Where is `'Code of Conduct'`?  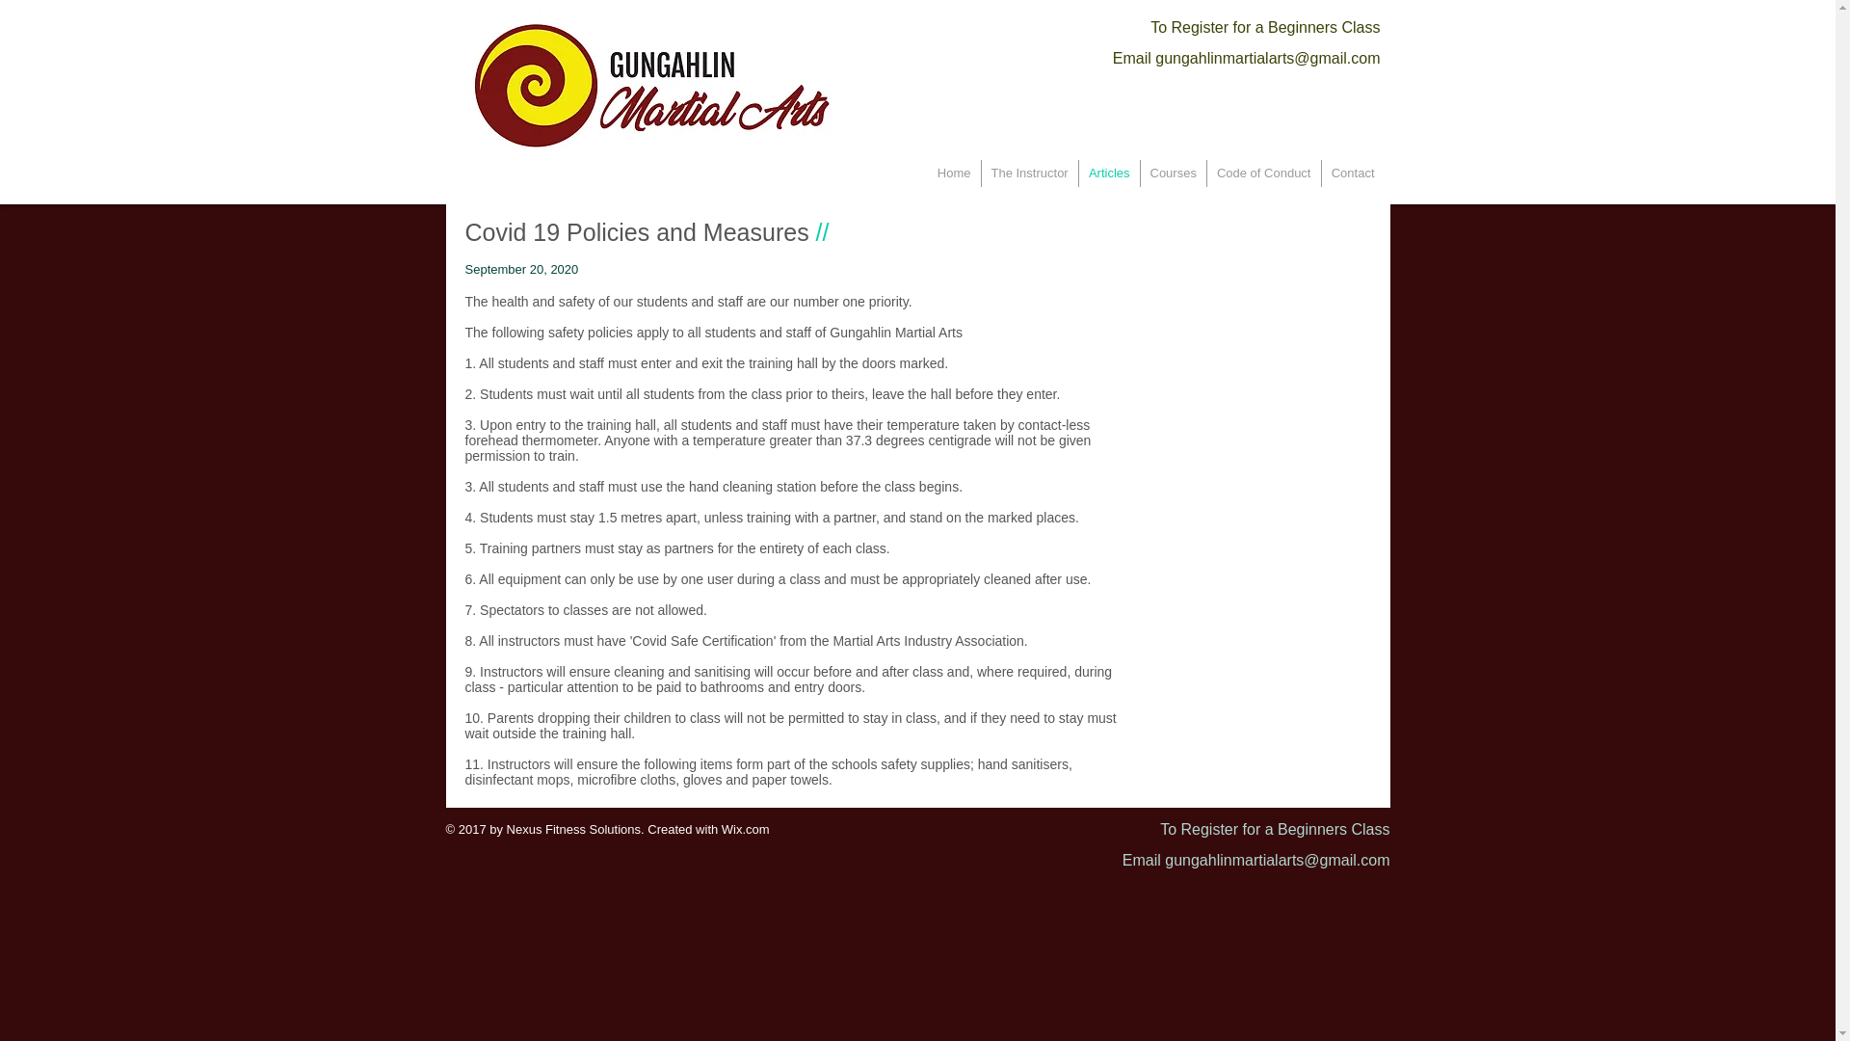 'Code of Conduct' is located at coordinates (1205, 173).